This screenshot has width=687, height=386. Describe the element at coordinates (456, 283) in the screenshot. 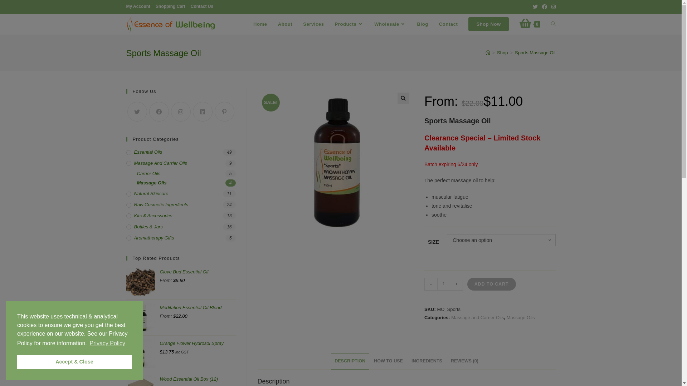

I see `'+'` at that location.